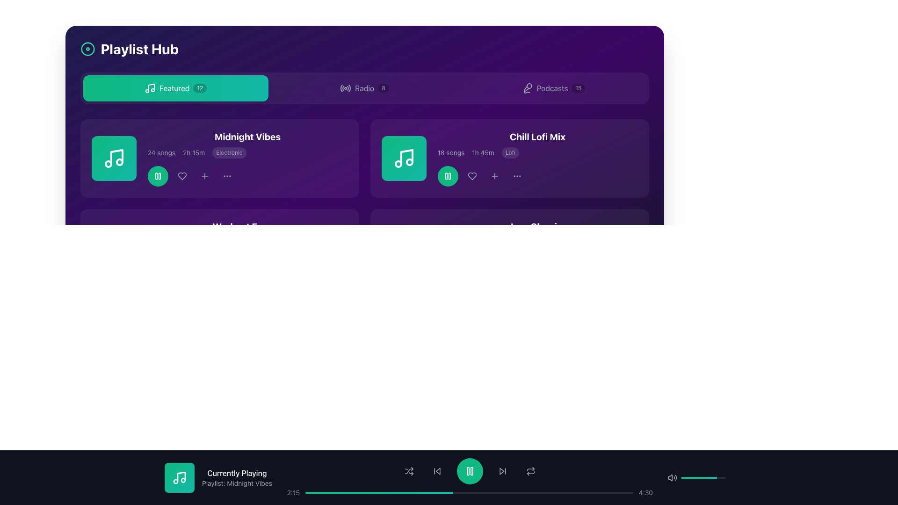  Describe the element at coordinates (217, 478) in the screenshot. I see `the informational text group containing the bold text 'Currently Playing' and the smaller text 'Playlist: Midnight Vibes', with a green square icon featuring a musical note on the left` at that location.